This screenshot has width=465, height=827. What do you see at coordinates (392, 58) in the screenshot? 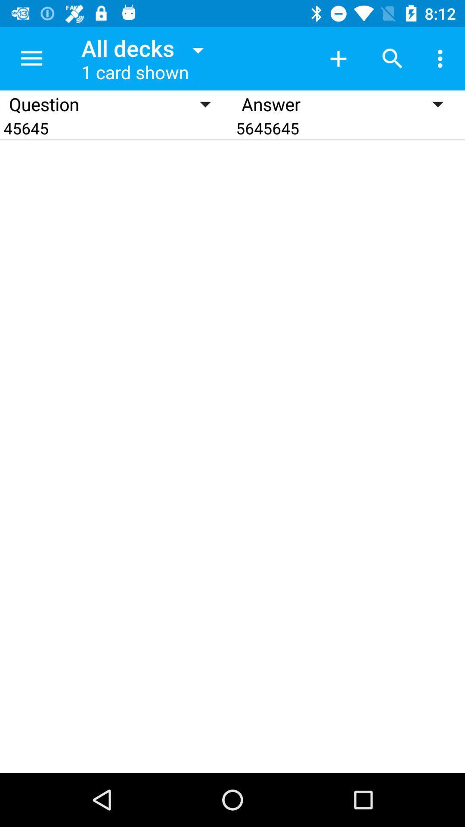
I see `the icon above the answer icon` at bounding box center [392, 58].